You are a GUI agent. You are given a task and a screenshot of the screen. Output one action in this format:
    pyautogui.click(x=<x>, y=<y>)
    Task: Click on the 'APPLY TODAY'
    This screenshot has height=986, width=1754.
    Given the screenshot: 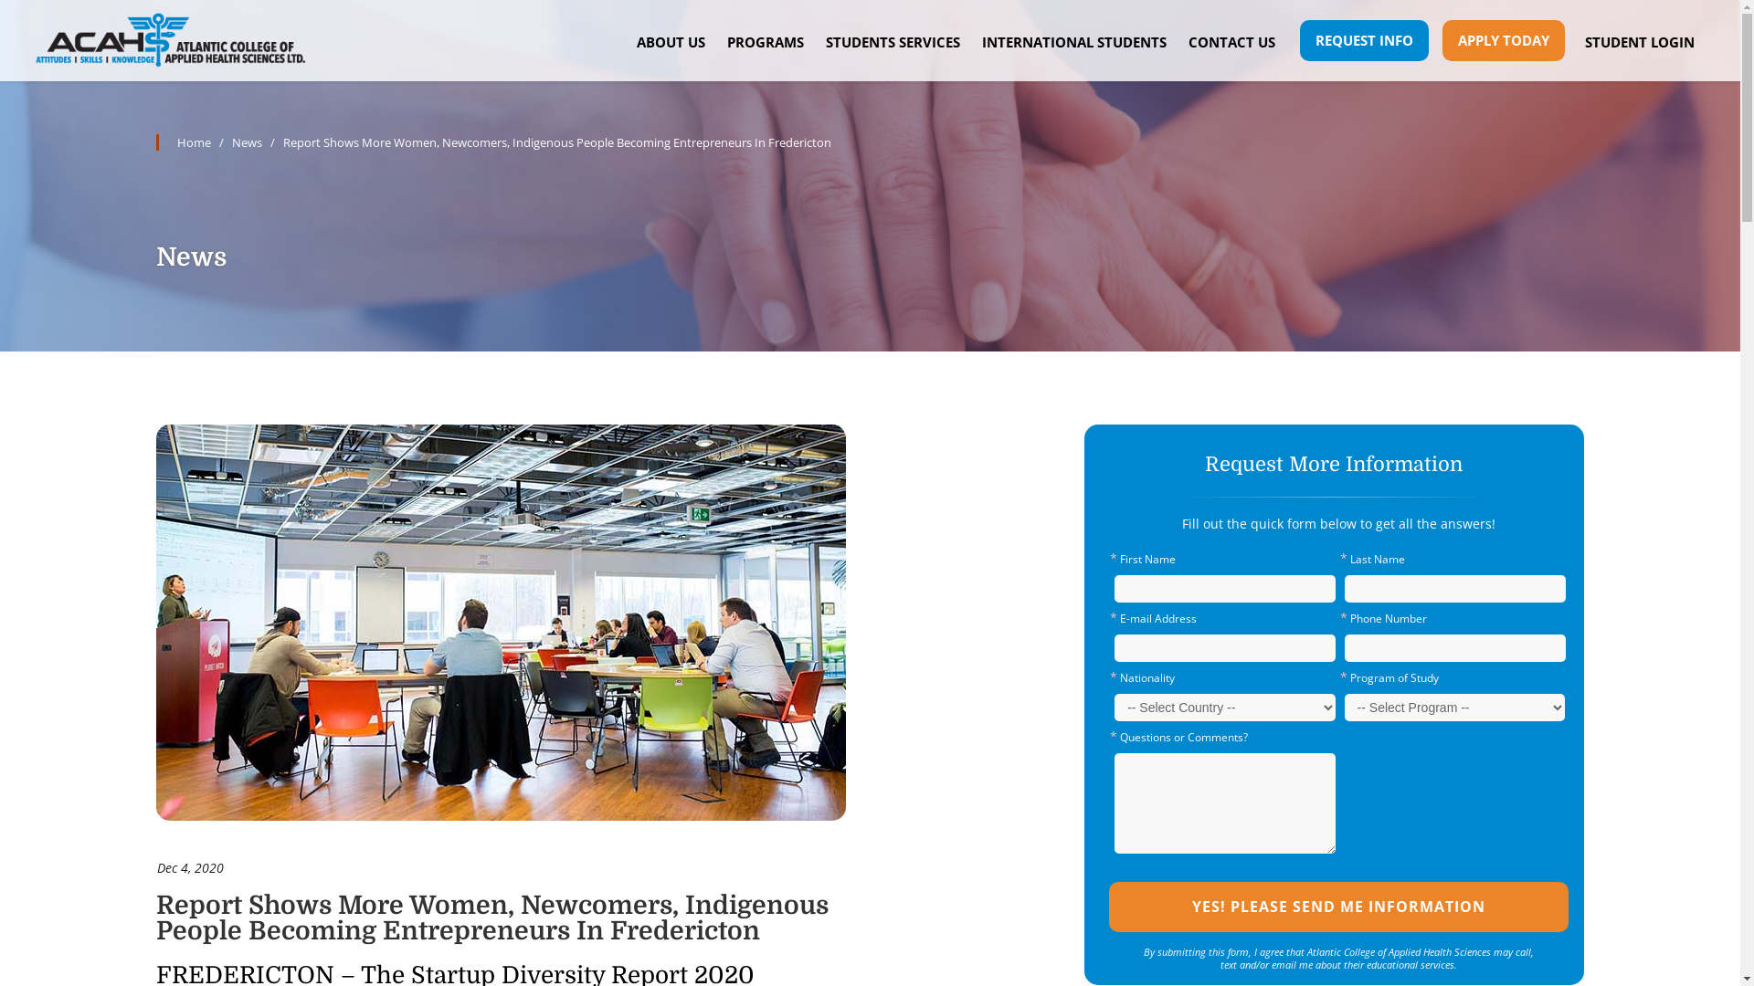 What is the action you would take?
    pyautogui.click(x=1504, y=40)
    